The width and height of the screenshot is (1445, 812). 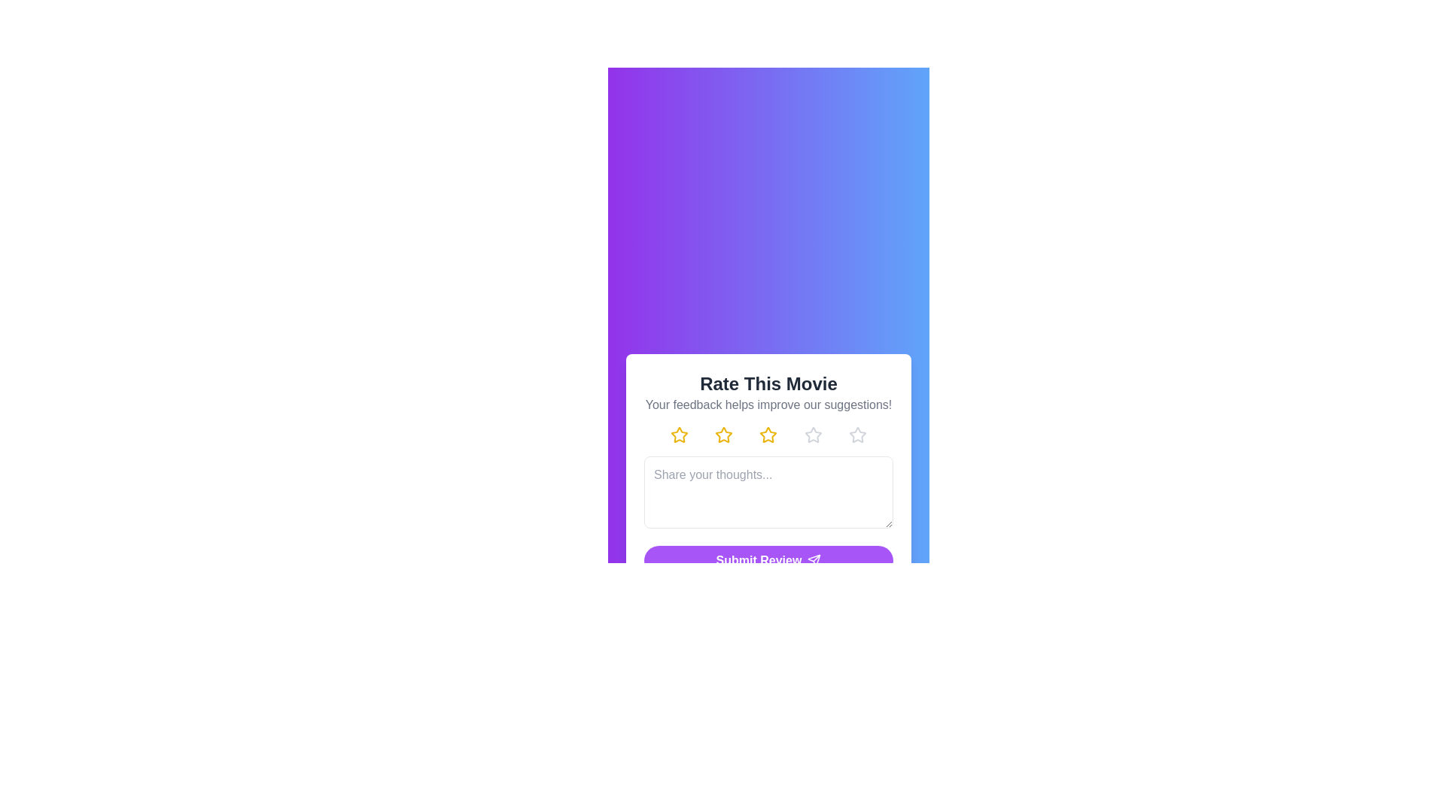 What do you see at coordinates (724, 435) in the screenshot?
I see `the second star of the five-star rating system below the text 'Rate This Movie' for accessibility purposes` at bounding box center [724, 435].